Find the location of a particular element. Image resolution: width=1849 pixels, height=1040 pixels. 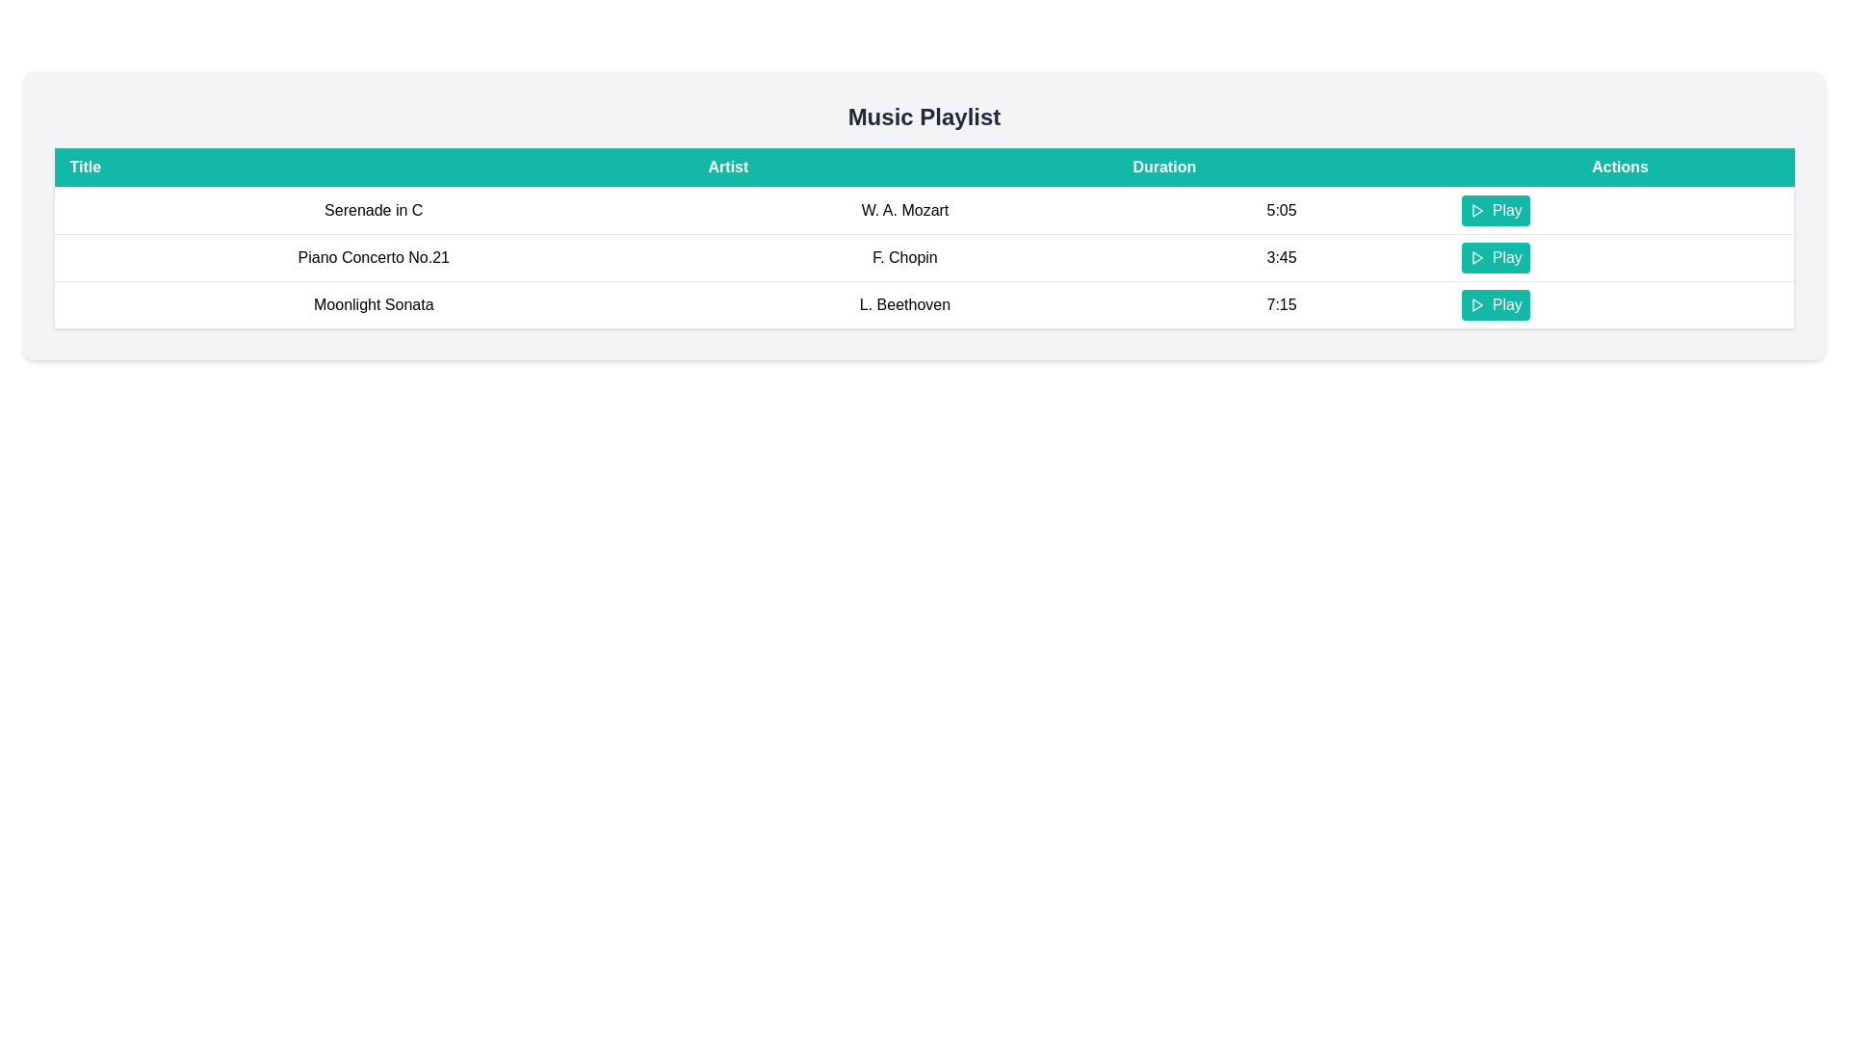

the text label reading 'W. A. Mozart' located in the 'Artist' column of the table, positioned centrally in the second column of the first data row is located at coordinates (904, 211).